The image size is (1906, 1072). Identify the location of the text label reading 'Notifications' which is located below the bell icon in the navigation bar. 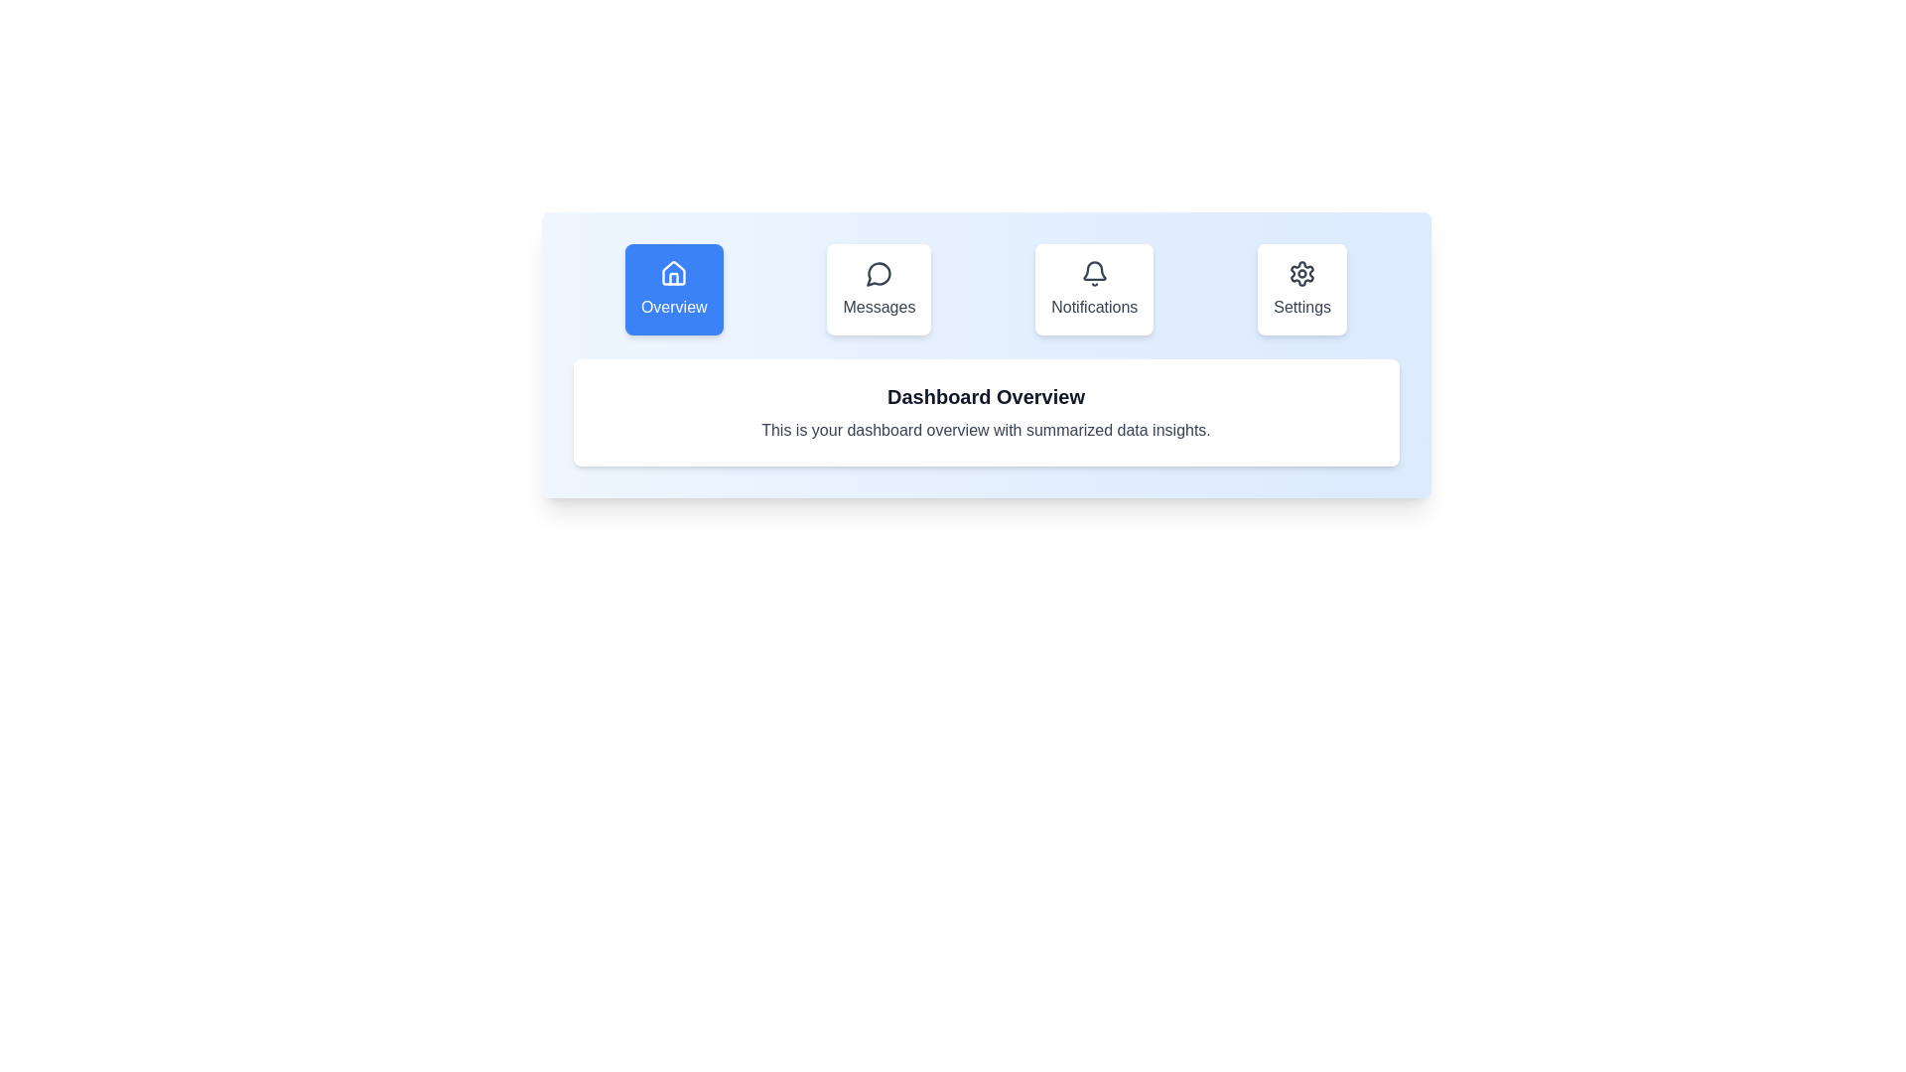
(1093, 307).